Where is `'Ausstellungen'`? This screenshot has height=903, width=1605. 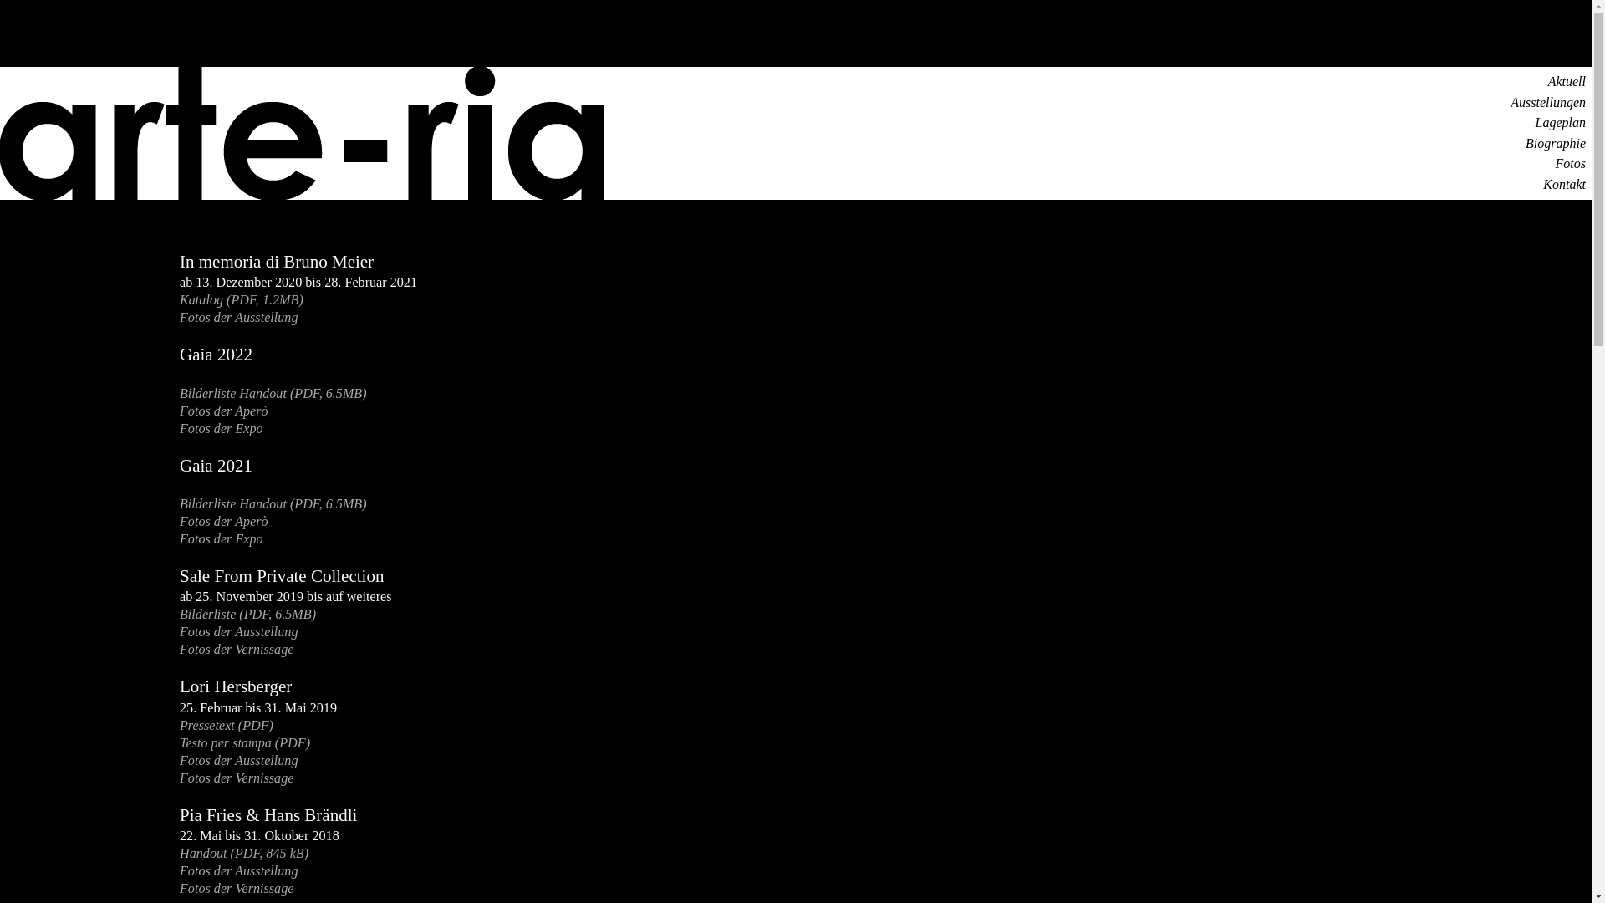
'Ausstellungen' is located at coordinates (1547, 102).